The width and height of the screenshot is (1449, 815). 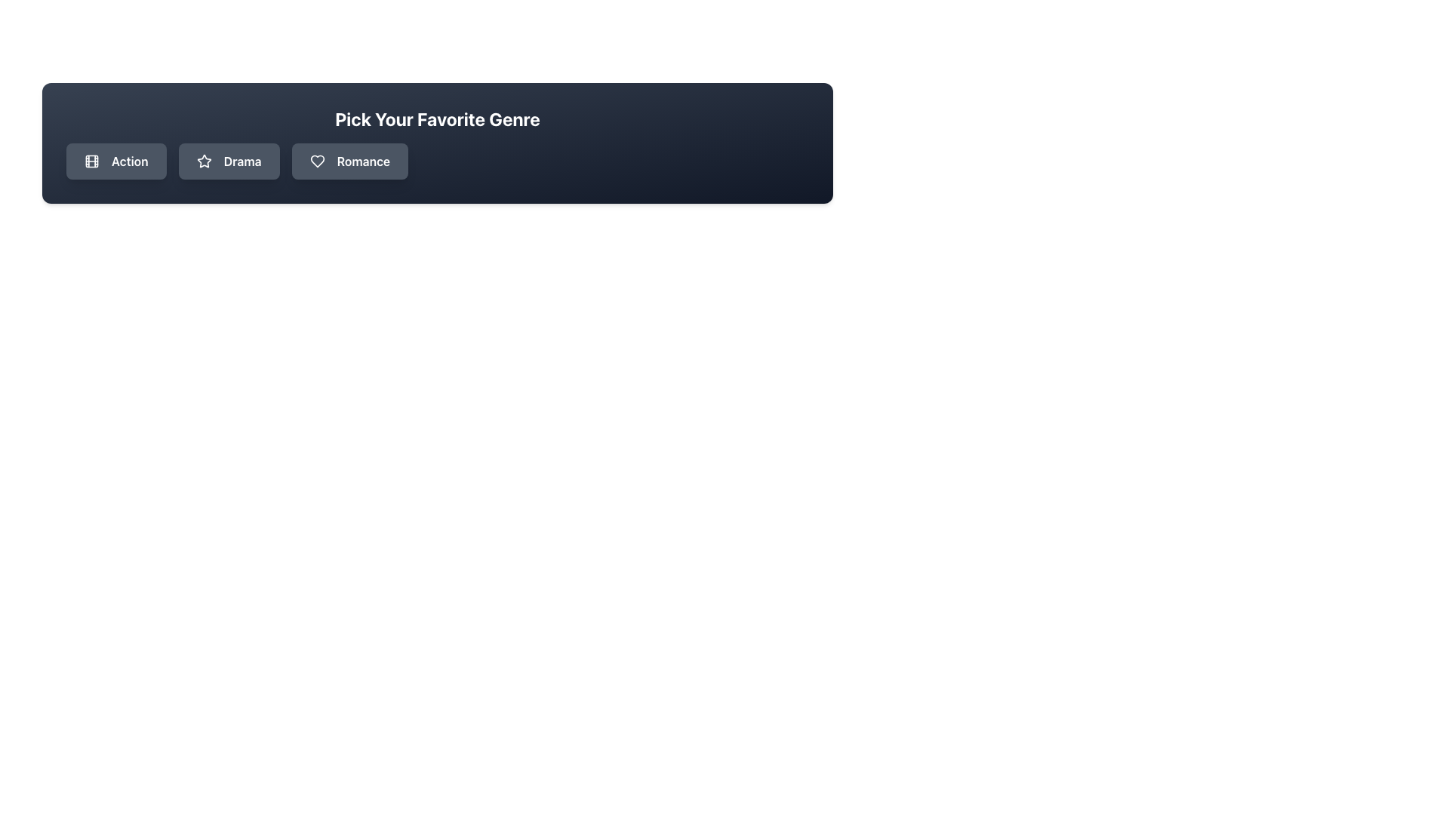 I want to click on the 'Romance' genre icon located inside the rightmost button in a horizontal row of genre buttons, positioned after the 'Drama' button and before the text 'Romance', so click(x=316, y=161).